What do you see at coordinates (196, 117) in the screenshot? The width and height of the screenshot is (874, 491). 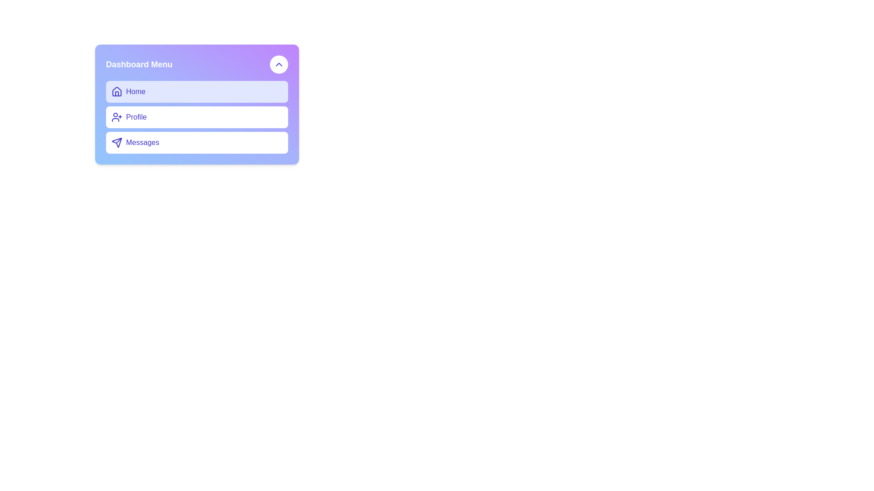 I see `the Profile button located in the vertical menu group` at bounding box center [196, 117].